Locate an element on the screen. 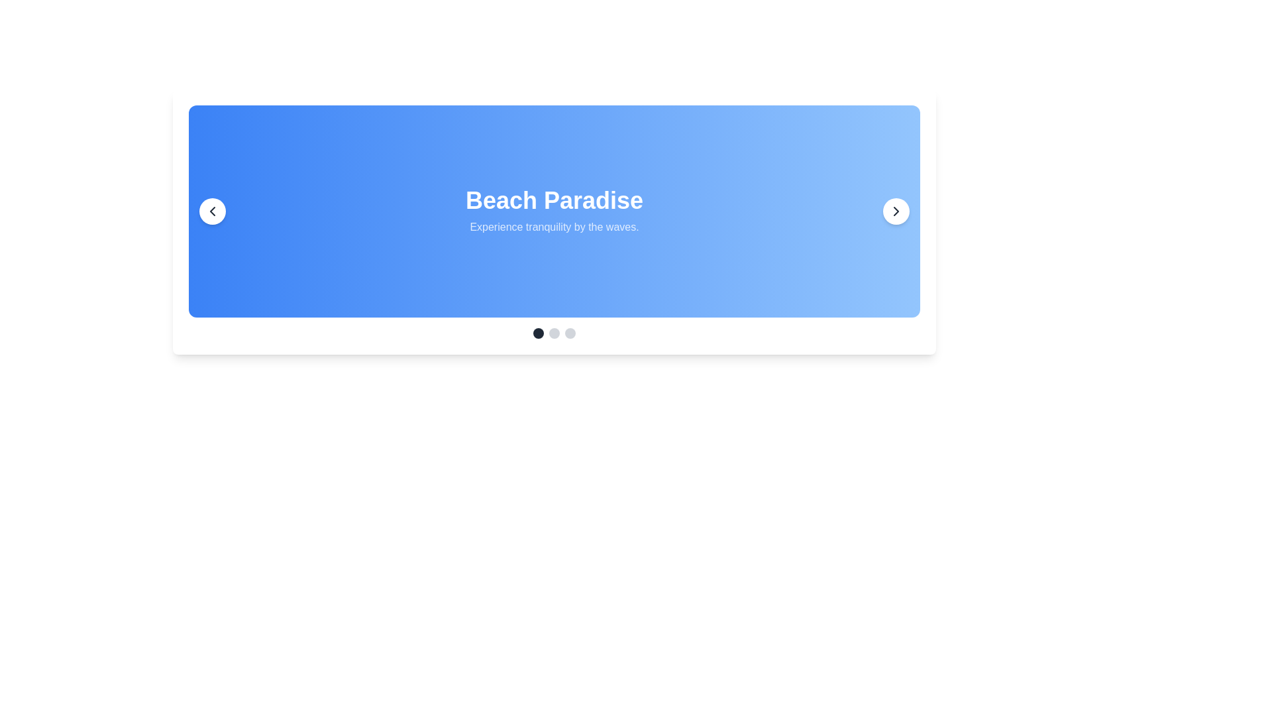  the second Carousel navigation dot, which is a small circular button with a gray background located beneath the 'Beach Paradise' title is located at coordinates (554, 332).